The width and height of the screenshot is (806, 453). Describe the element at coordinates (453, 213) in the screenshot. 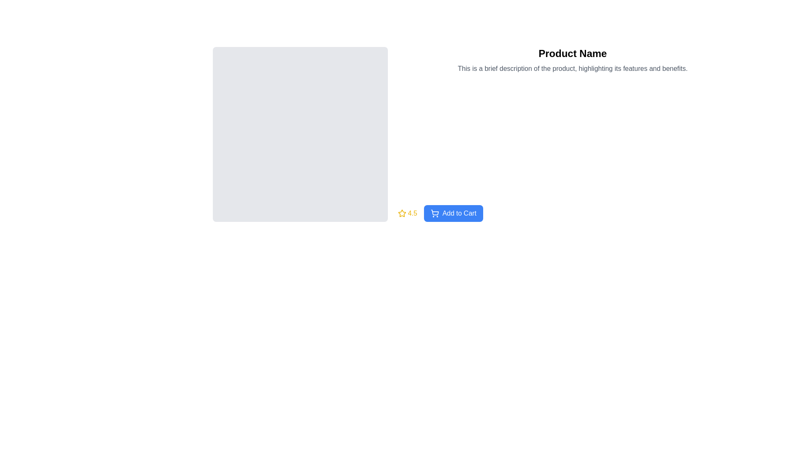

I see `the button located to the right of the rating display (golden star and text '4.5')` at that location.